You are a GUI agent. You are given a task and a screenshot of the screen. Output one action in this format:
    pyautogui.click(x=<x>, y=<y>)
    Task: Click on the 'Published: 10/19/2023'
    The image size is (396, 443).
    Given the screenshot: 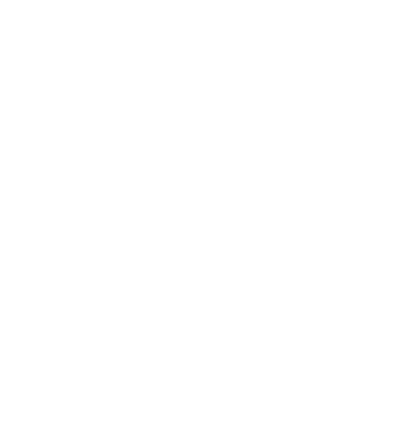 What is the action you would take?
    pyautogui.click(x=192, y=382)
    